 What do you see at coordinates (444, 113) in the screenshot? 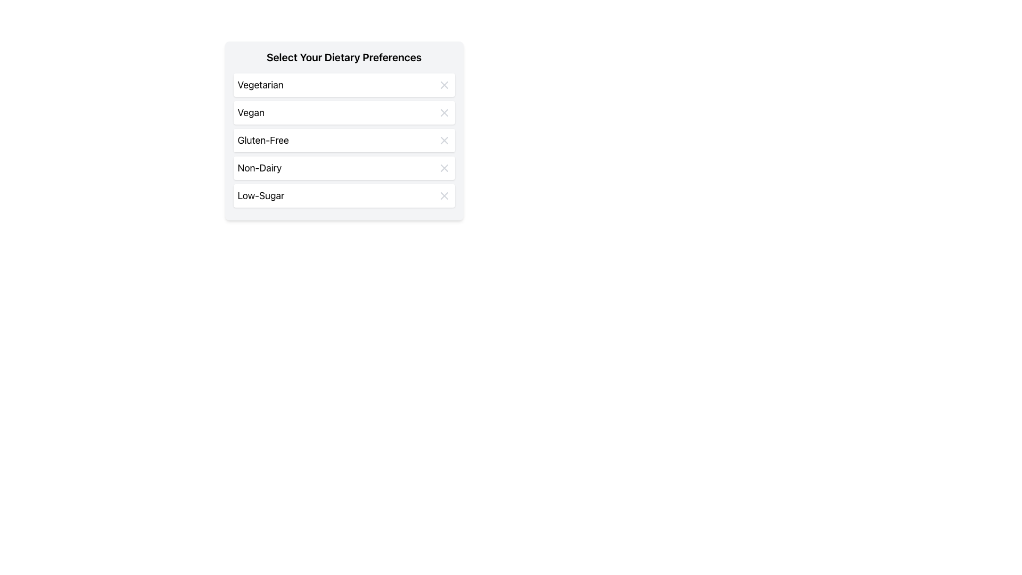
I see `the small X icon located to the right of the 'Vegan' dietary preference label` at bounding box center [444, 113].